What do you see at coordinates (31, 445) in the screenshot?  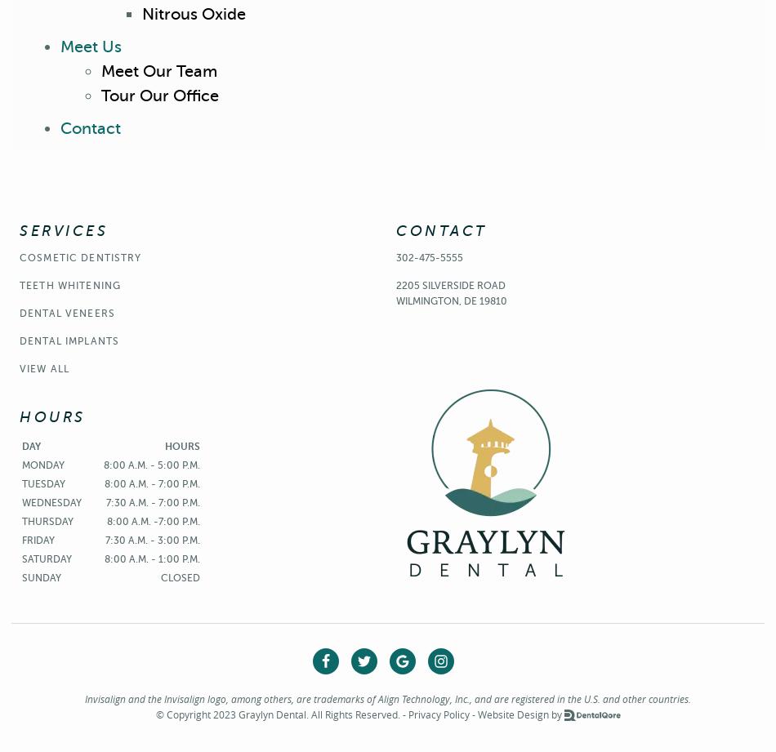 I see `'Day'` at bounding box center [31, 445].